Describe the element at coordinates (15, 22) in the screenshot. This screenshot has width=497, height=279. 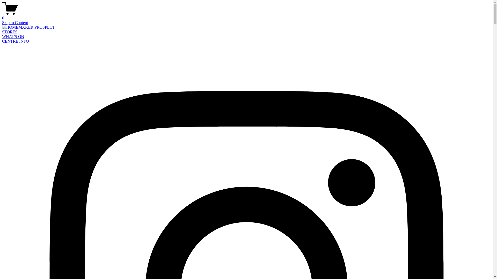
I see `'Skip to Content'` at that location.